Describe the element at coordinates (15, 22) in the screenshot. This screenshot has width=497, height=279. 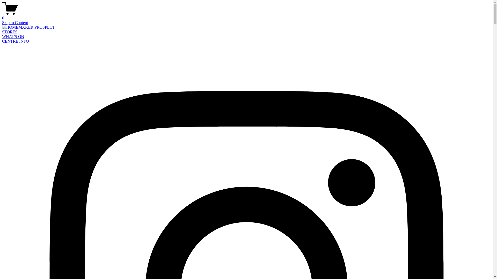
I see `'Skip to Content'` at that location.